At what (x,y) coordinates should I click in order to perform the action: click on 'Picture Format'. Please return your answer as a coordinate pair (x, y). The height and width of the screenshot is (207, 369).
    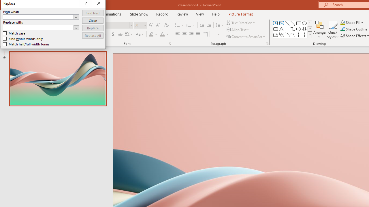
    Looking at the image, I should click on (241, 14).